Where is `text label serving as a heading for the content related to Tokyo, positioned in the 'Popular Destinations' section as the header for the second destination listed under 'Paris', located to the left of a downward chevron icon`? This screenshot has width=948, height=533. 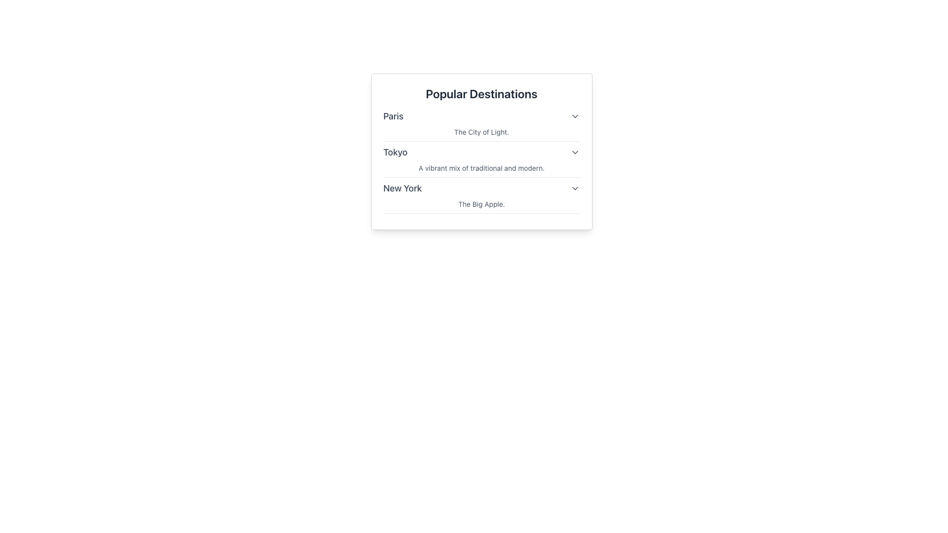 text label serving as a heading for the content related to Tokyo, positioned in the 'Popular Destinations' section as the header for the second destination listed under 'Paris', located to the left of a downward chevron icon is located at coordinates (395, 152).